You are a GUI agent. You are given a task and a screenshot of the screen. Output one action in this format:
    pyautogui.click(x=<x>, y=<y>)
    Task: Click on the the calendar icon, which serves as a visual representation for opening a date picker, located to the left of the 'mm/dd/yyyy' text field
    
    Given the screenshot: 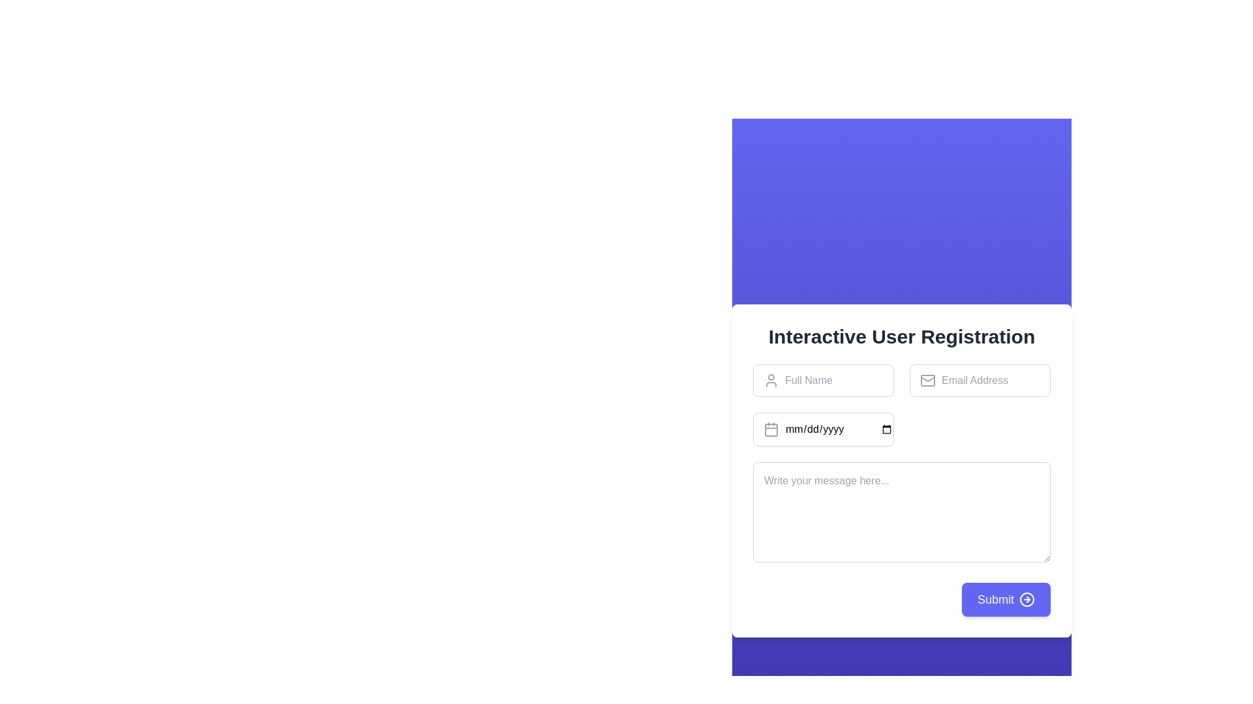 What is the action you would take?
    pyautogui.click(x=771, y=430)
    